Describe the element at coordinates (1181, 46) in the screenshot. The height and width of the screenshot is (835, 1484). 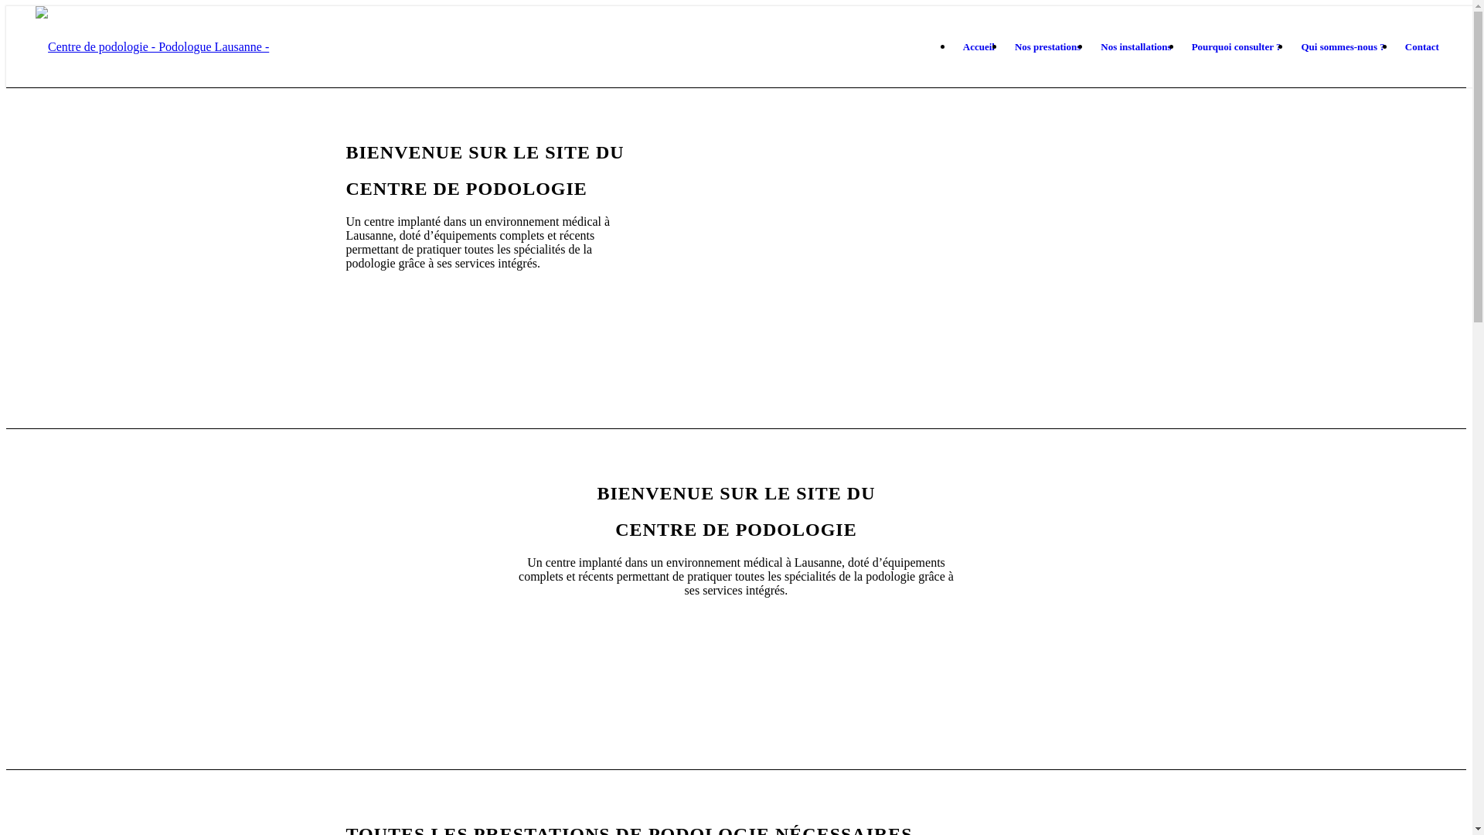
I see `'Pourquoi consulter ?'` at that location.